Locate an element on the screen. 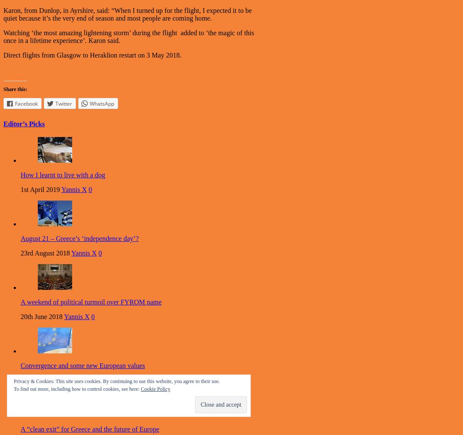 Image resolution: width=463 pixels, height=435 pixels. 'WhatsApp' is located at coordinates (101, 103).